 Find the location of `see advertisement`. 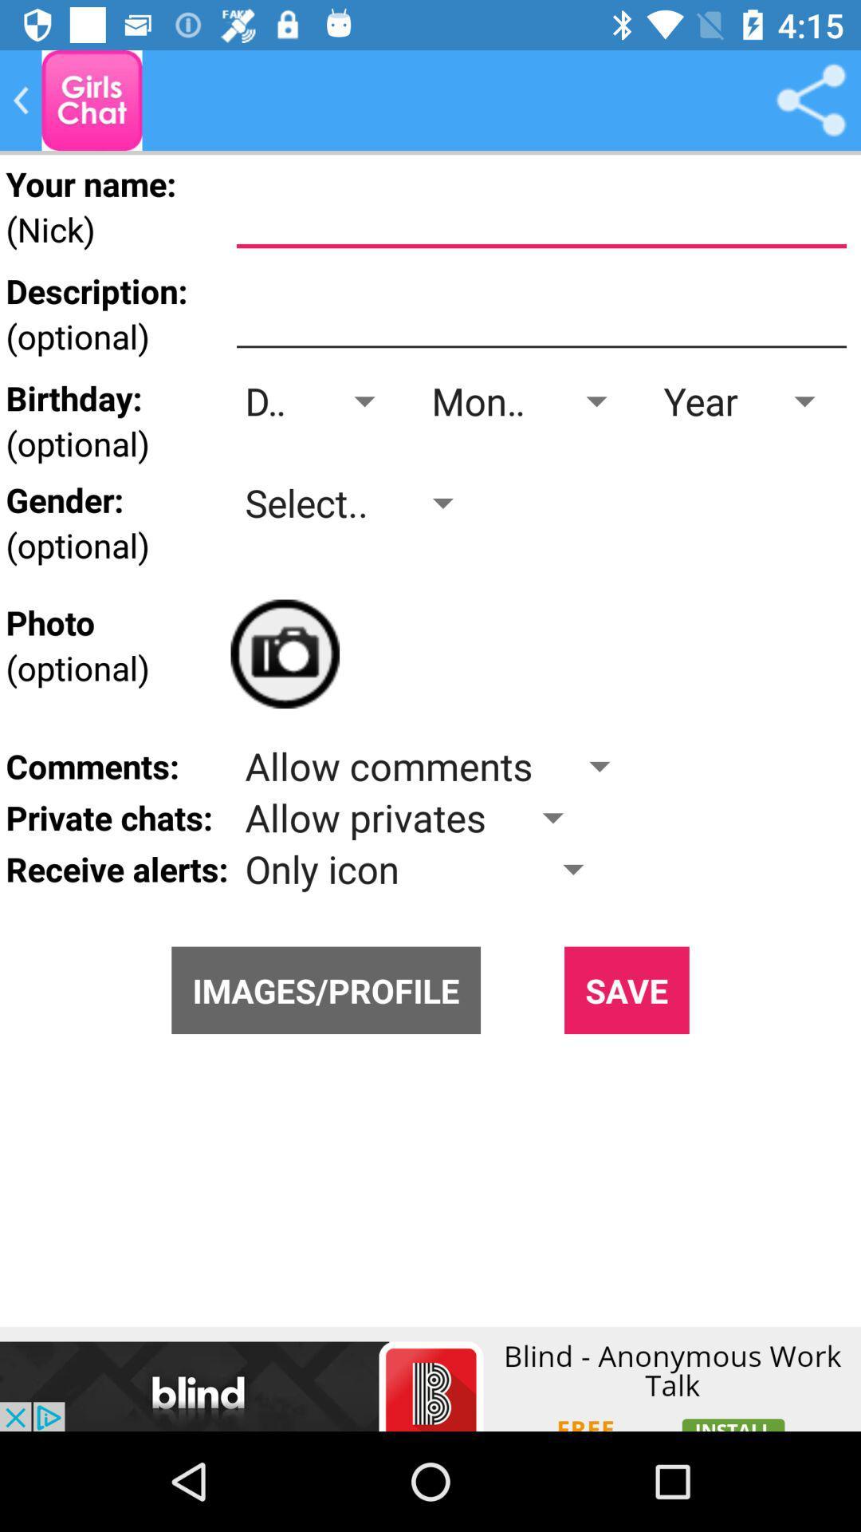

see advertisement is located at coordinates (431, 1378).